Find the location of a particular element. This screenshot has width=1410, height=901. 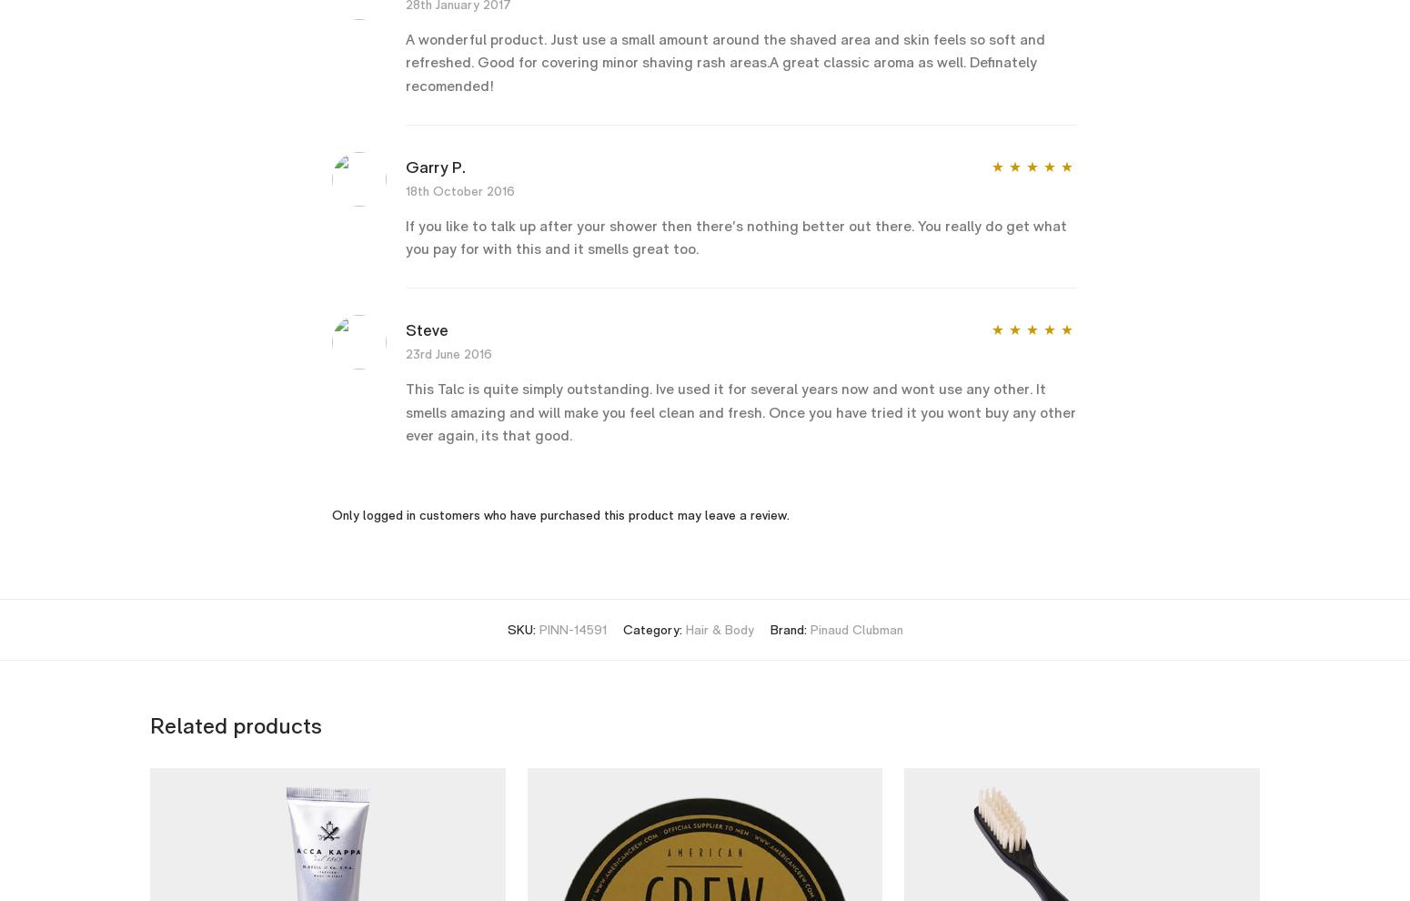

'PINN-14591' is located at coordinates (570, 629).